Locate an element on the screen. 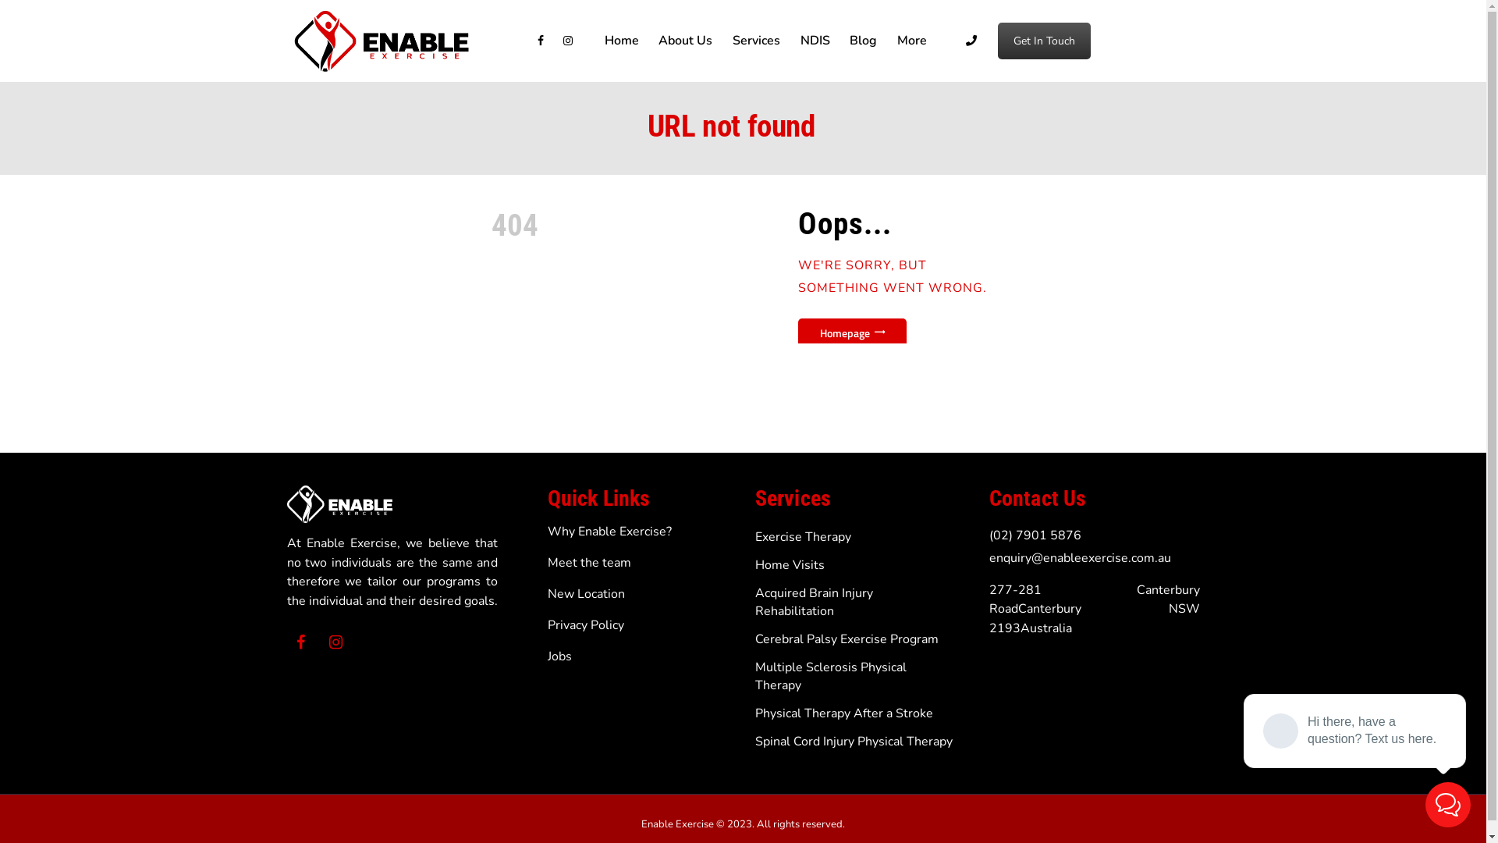 Image resolution: width=1498 pixels, height=843 pixels. 'enquiry@enableexercise.com.au' is located at coordinates (1079, 557).